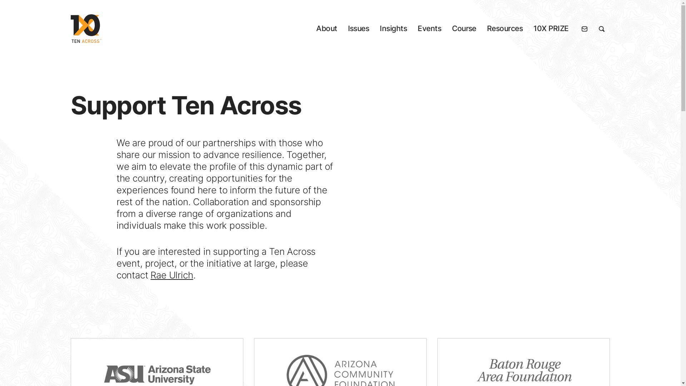 This screenshot has height=386, width=686. Describe the element at coordinates (358, 28) in the screenshot. I see `'Issues'` at that location.